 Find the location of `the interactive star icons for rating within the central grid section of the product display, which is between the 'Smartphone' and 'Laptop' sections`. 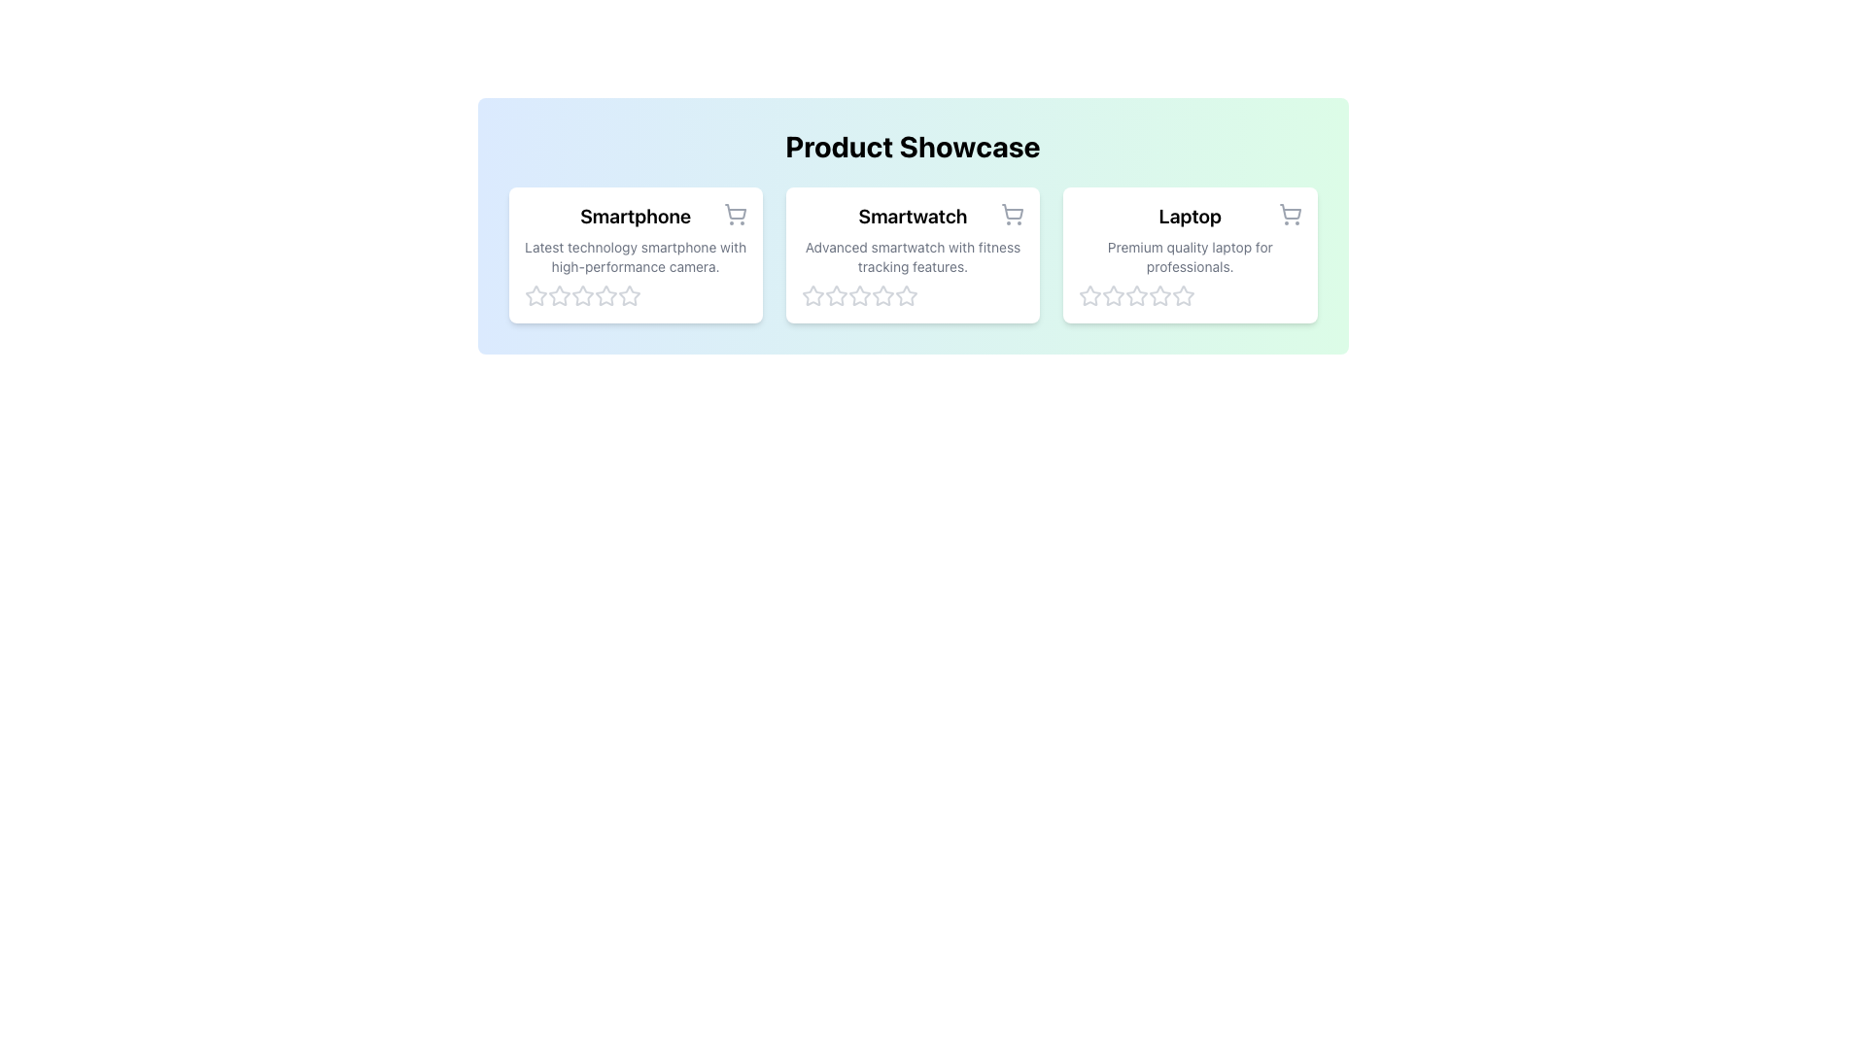

the interactive star icons for rating within the central grid section of the product display, which is between the 'Smartphone' and 'Laptop' sections is located at coordinates (912, 254).